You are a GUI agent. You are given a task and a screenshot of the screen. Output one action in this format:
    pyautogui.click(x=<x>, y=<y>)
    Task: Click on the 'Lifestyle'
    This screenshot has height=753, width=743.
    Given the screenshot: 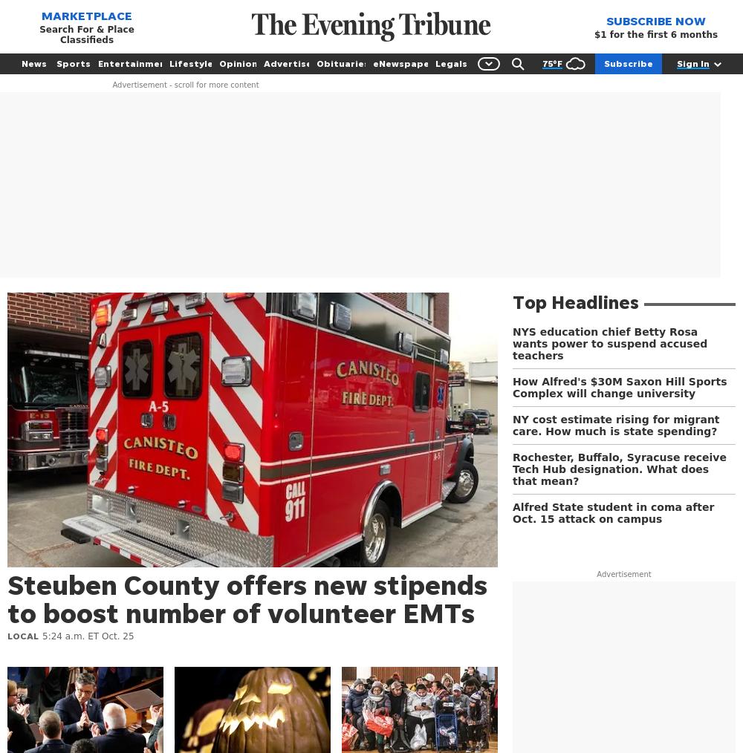 What is the action you would take?
    pyautogui.click(x=169, y=62)
    